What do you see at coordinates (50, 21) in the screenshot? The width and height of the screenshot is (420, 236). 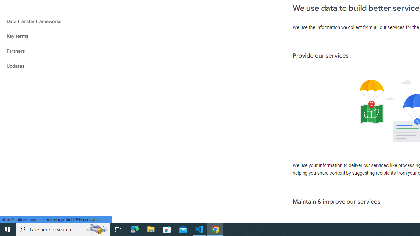 I see `'Data transfer frameworks'` at bounding box center [50, 21].